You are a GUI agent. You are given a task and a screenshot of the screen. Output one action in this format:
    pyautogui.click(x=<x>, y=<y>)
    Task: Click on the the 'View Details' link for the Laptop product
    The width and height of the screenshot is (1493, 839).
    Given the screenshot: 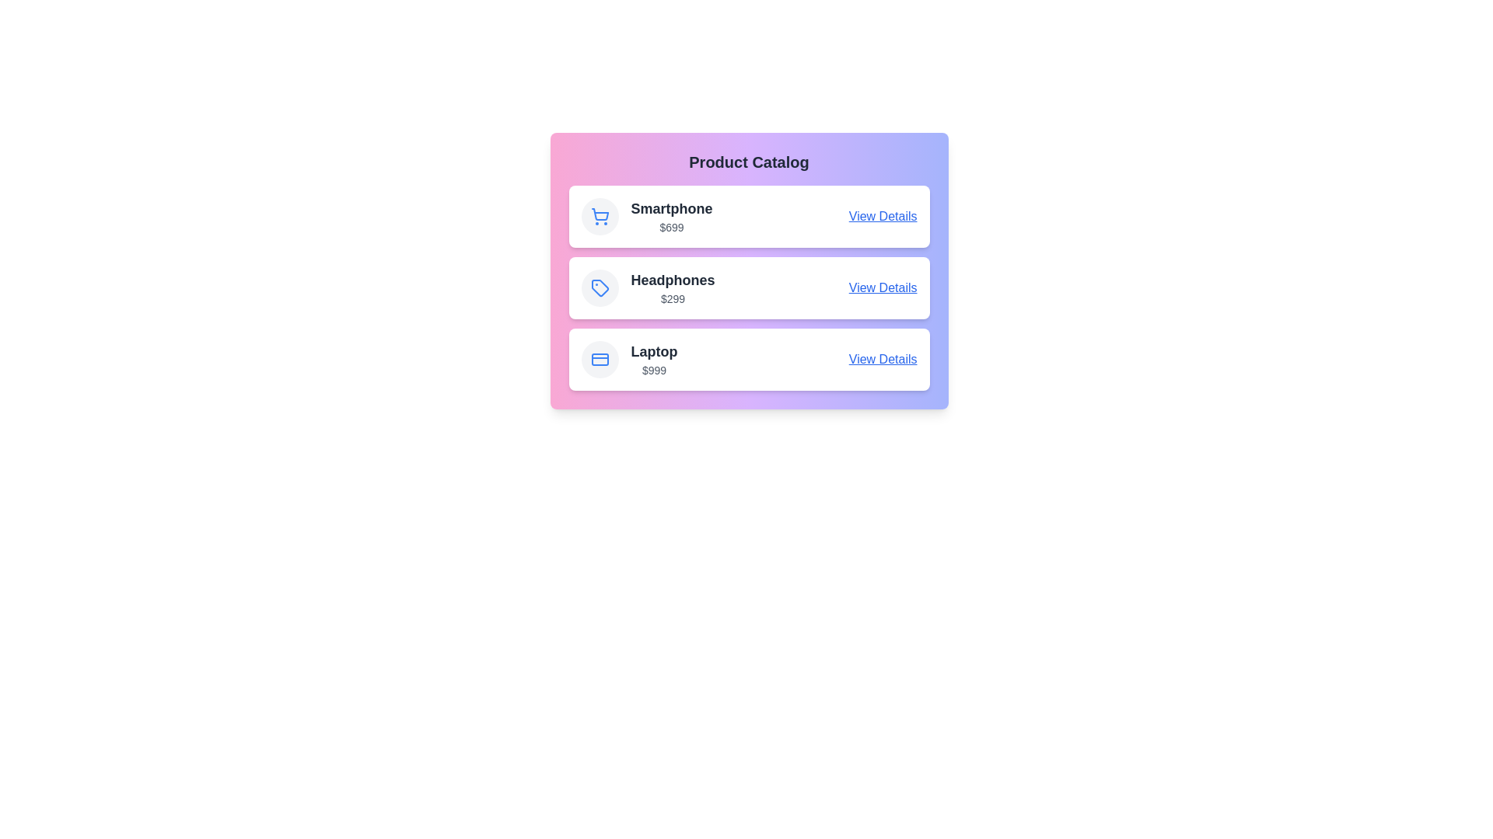 What is the action you would take?
    pyautogui.click(x=883, y=359)
    